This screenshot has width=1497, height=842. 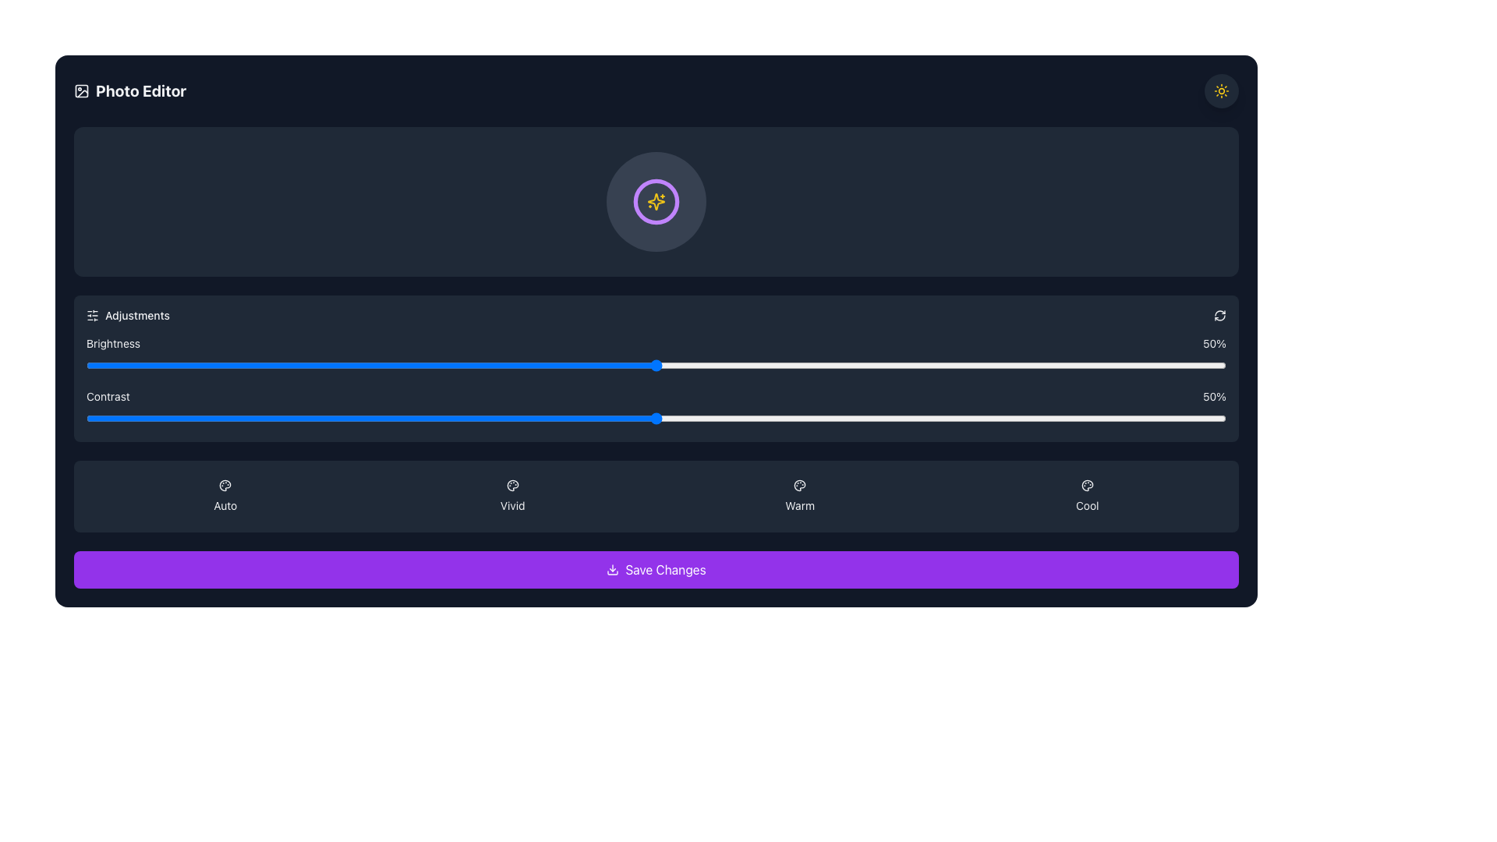 What do you see at coordinates (1021, 417) in the screenshot?
I see `the value of the slider` at bounding box center [1021, 417].